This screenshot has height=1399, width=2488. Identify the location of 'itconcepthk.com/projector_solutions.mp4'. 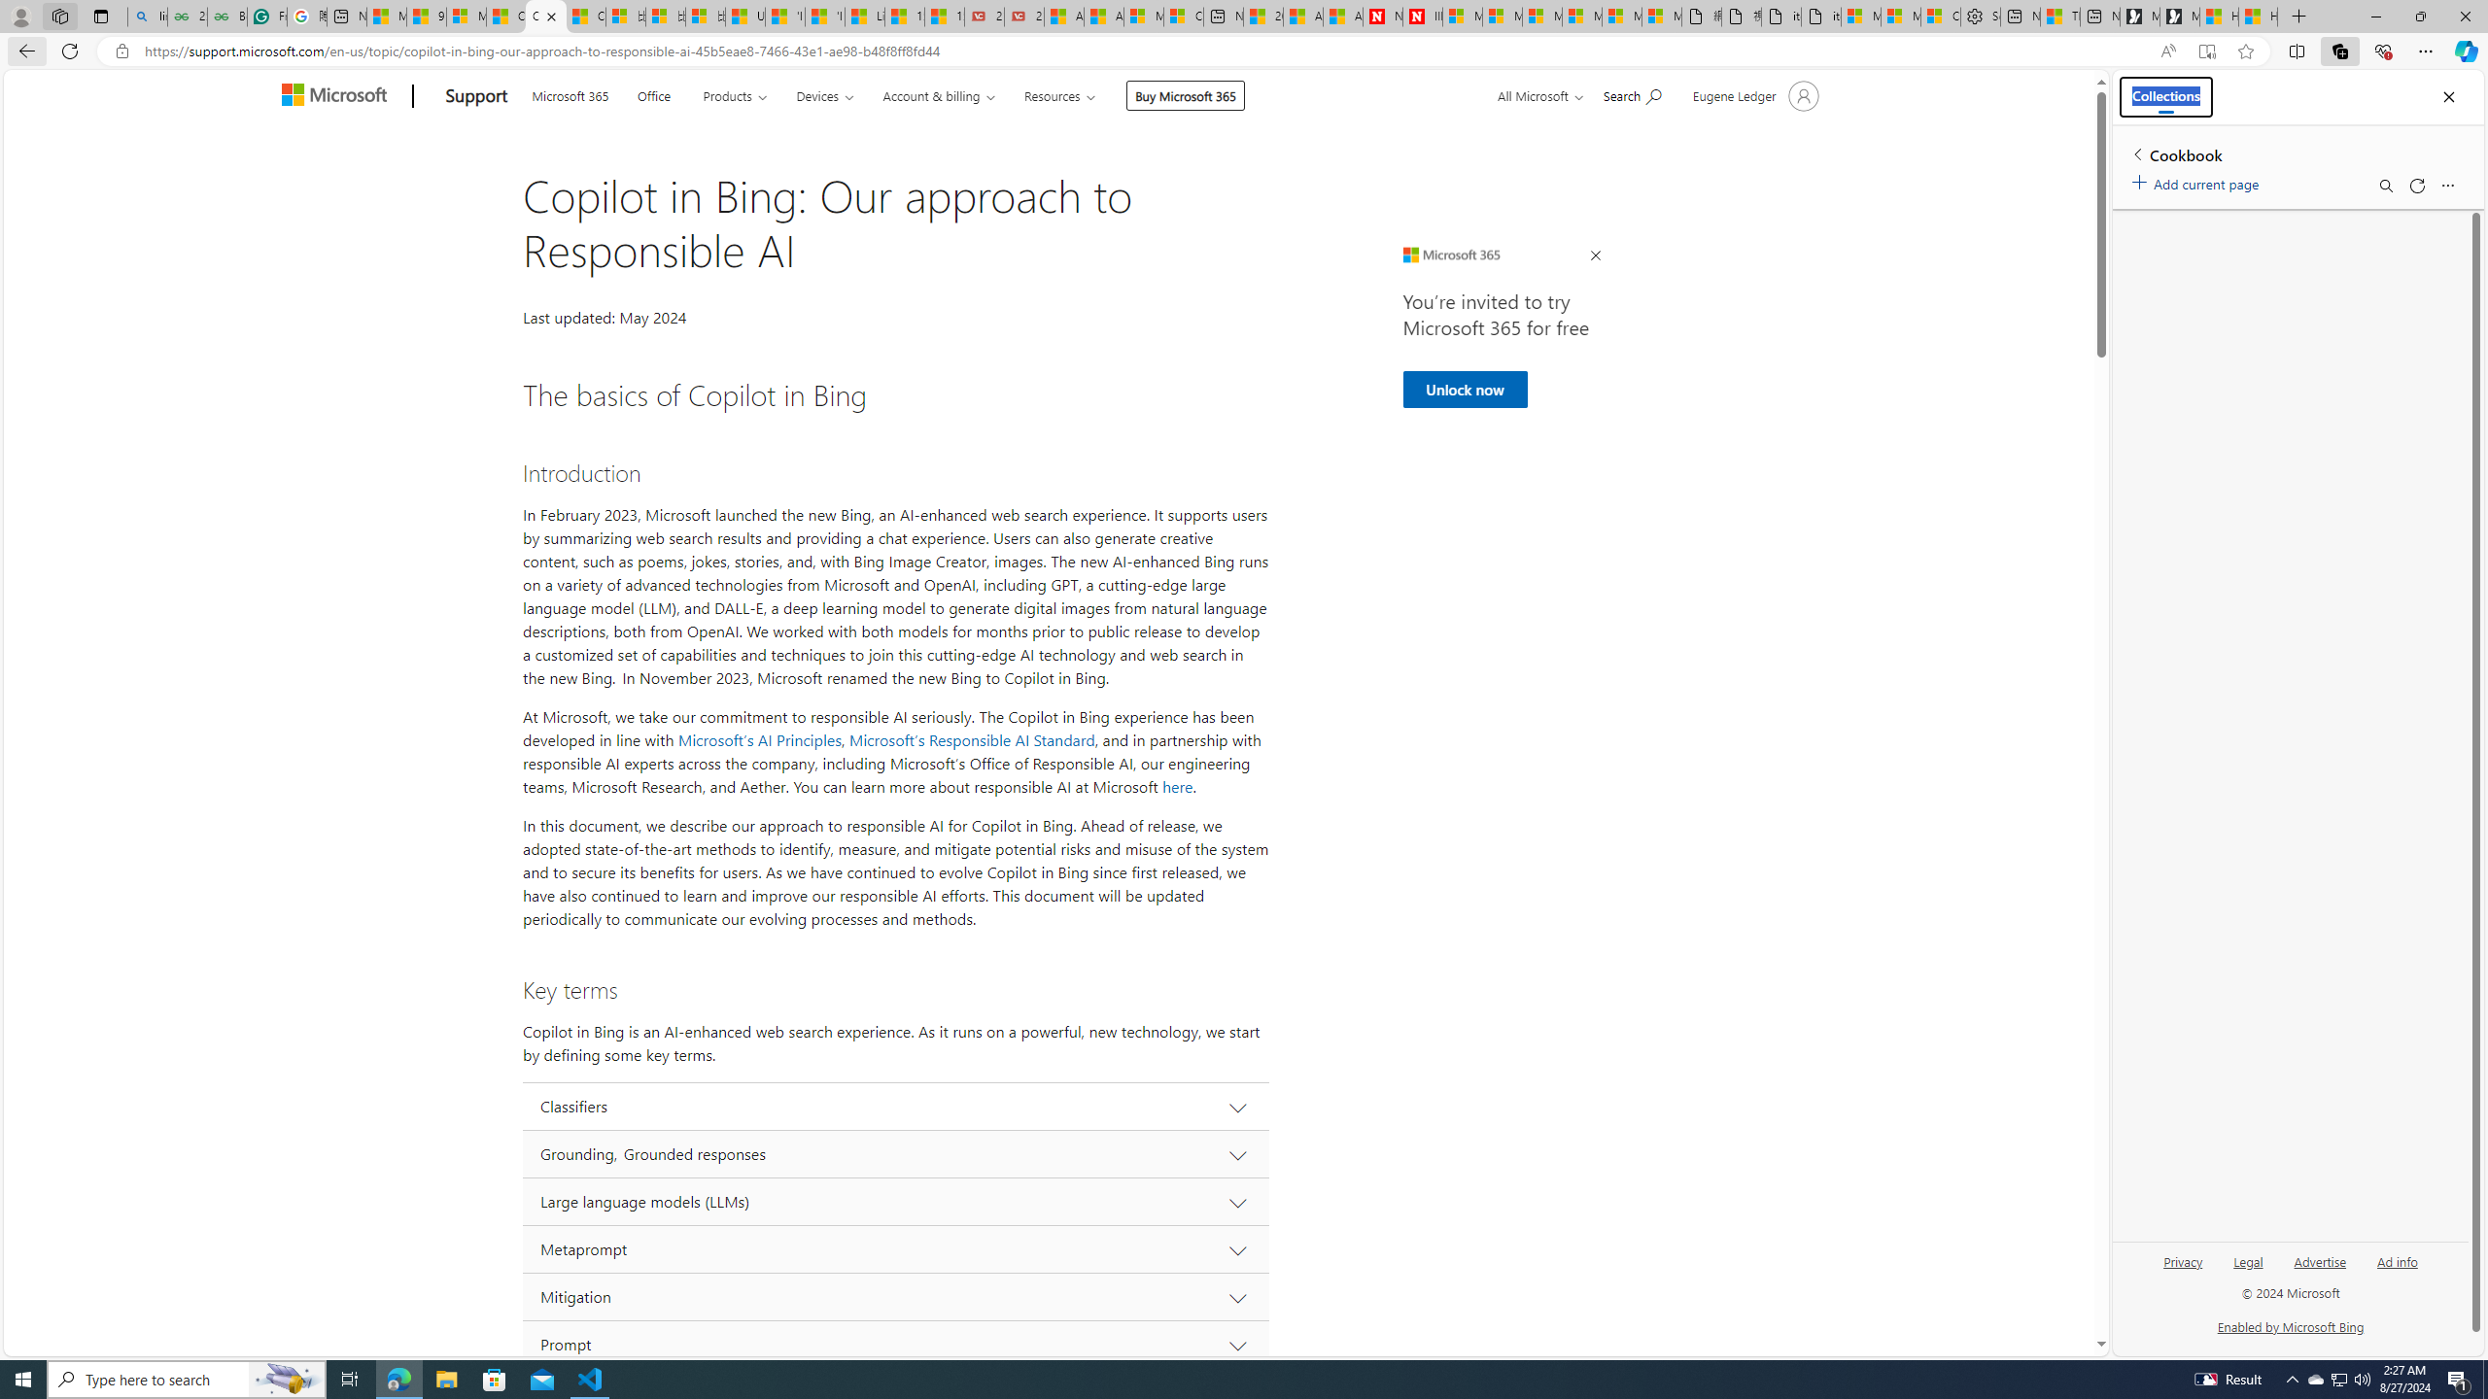
(1819, 16).